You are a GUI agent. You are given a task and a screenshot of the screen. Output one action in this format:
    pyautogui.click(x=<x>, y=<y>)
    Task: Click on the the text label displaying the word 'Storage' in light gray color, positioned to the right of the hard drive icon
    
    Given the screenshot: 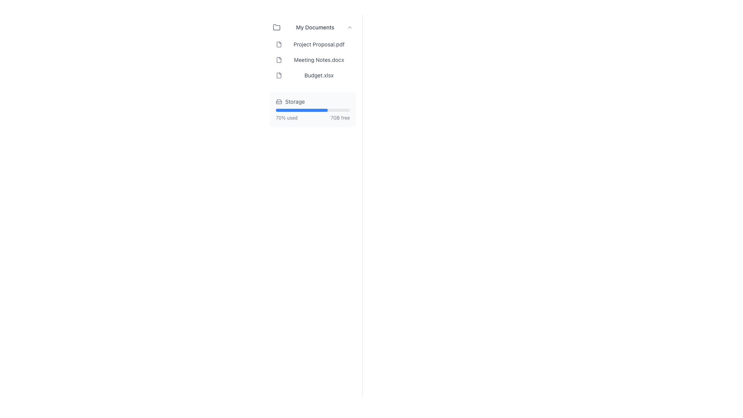 What is the action you would take?
    pyautogui.click(x=294, y=101)
    